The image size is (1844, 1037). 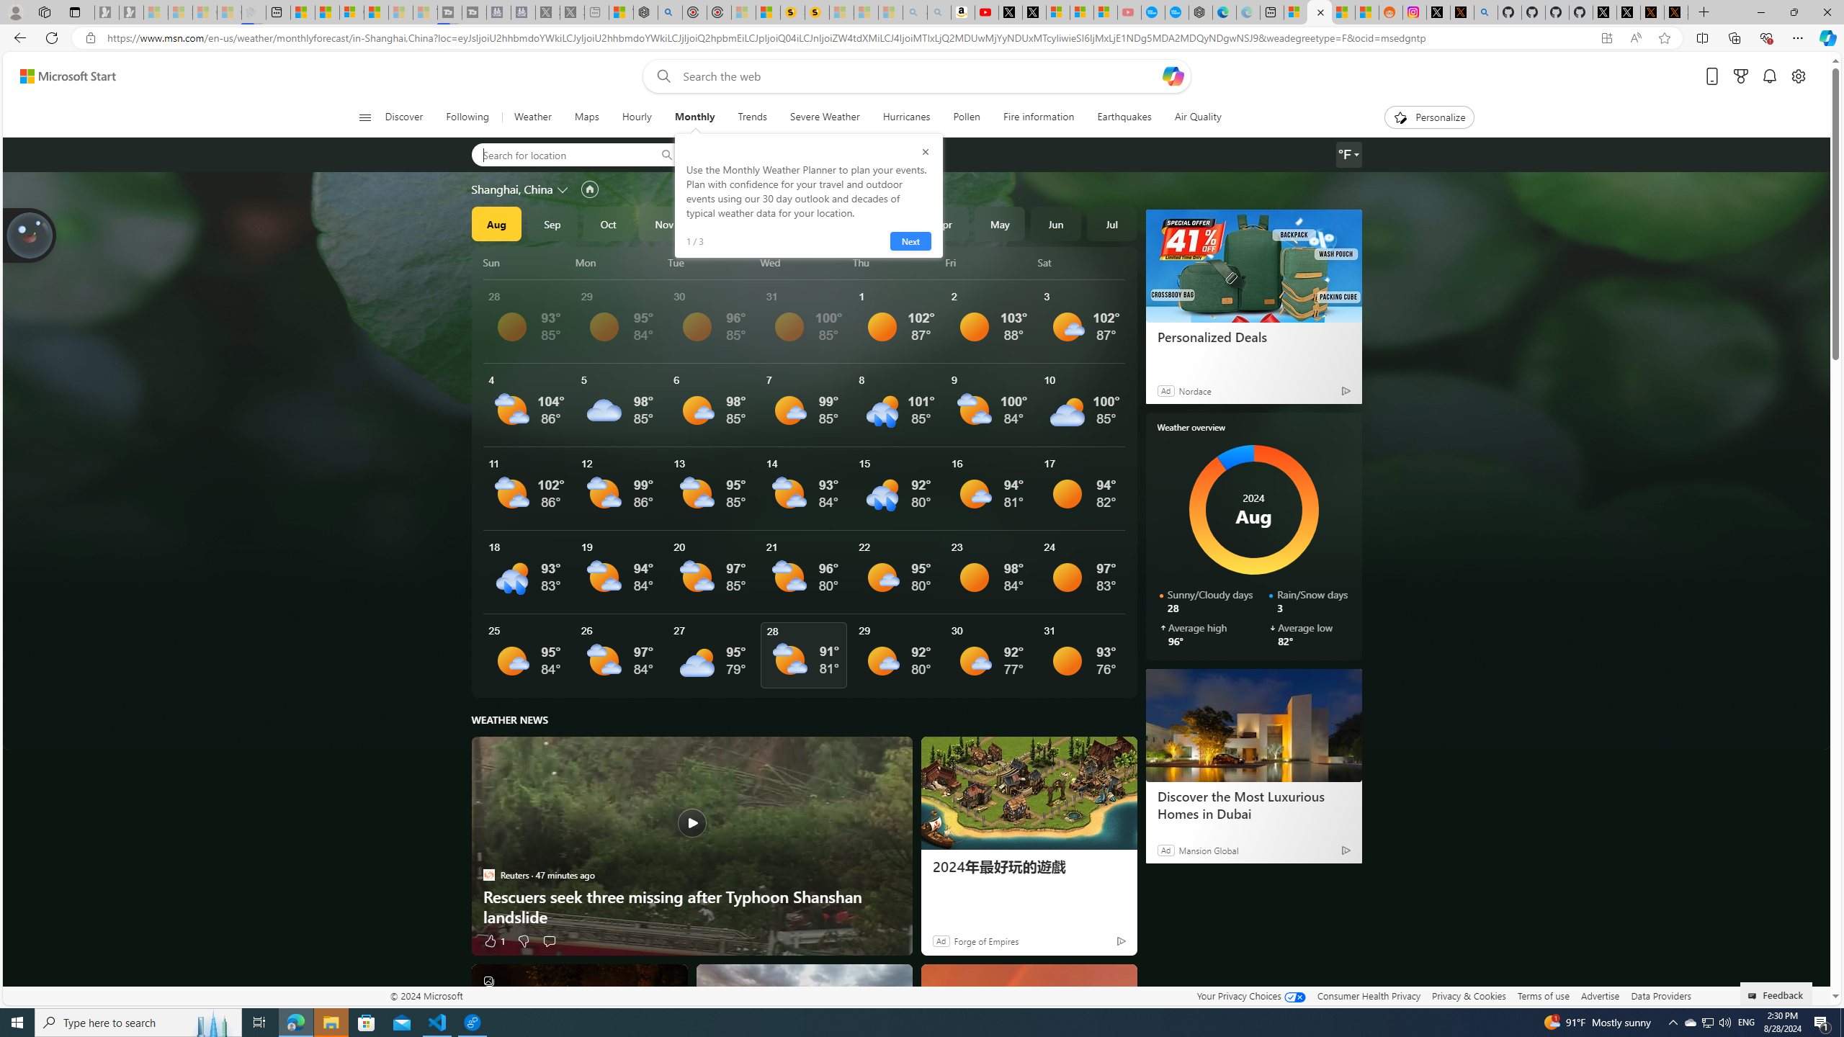 What do you see at coordinates (590, 188) in the screenshot?
I see `'Set as primary location'` at bounding box center [590, 188].